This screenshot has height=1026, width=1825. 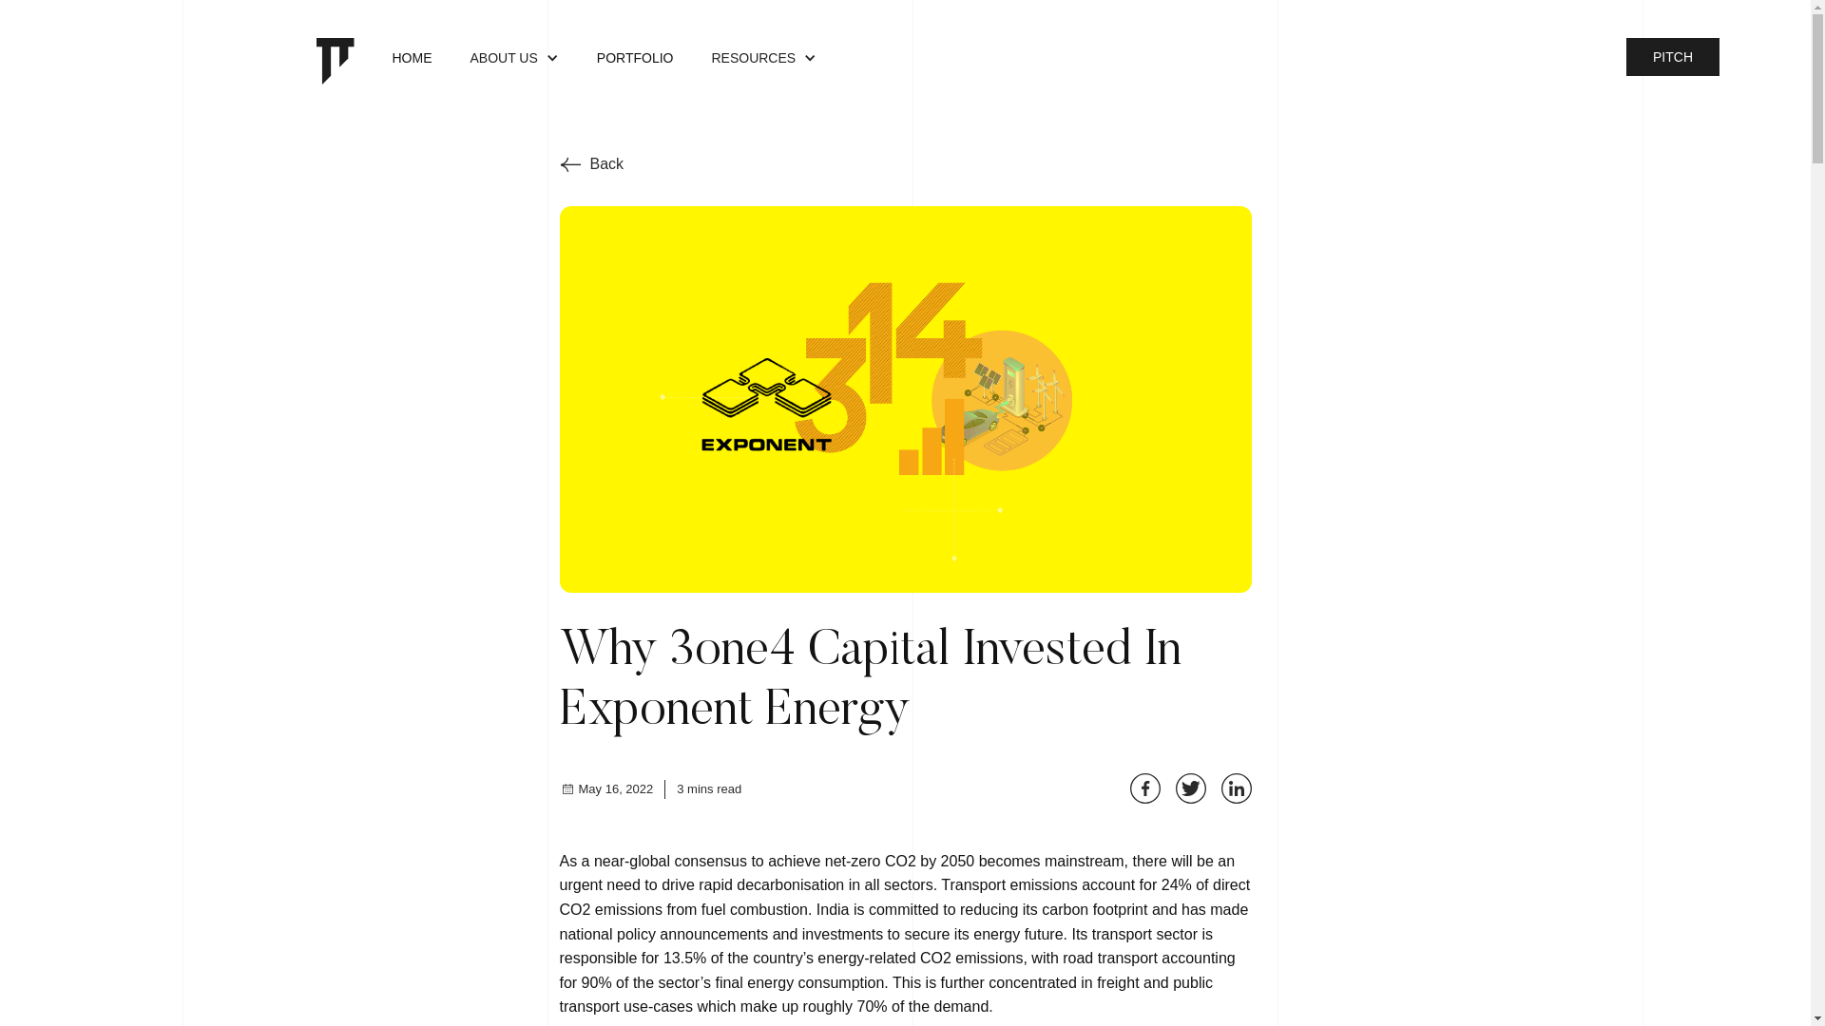 I want to click on 'Back', so click(x=590, y=163).